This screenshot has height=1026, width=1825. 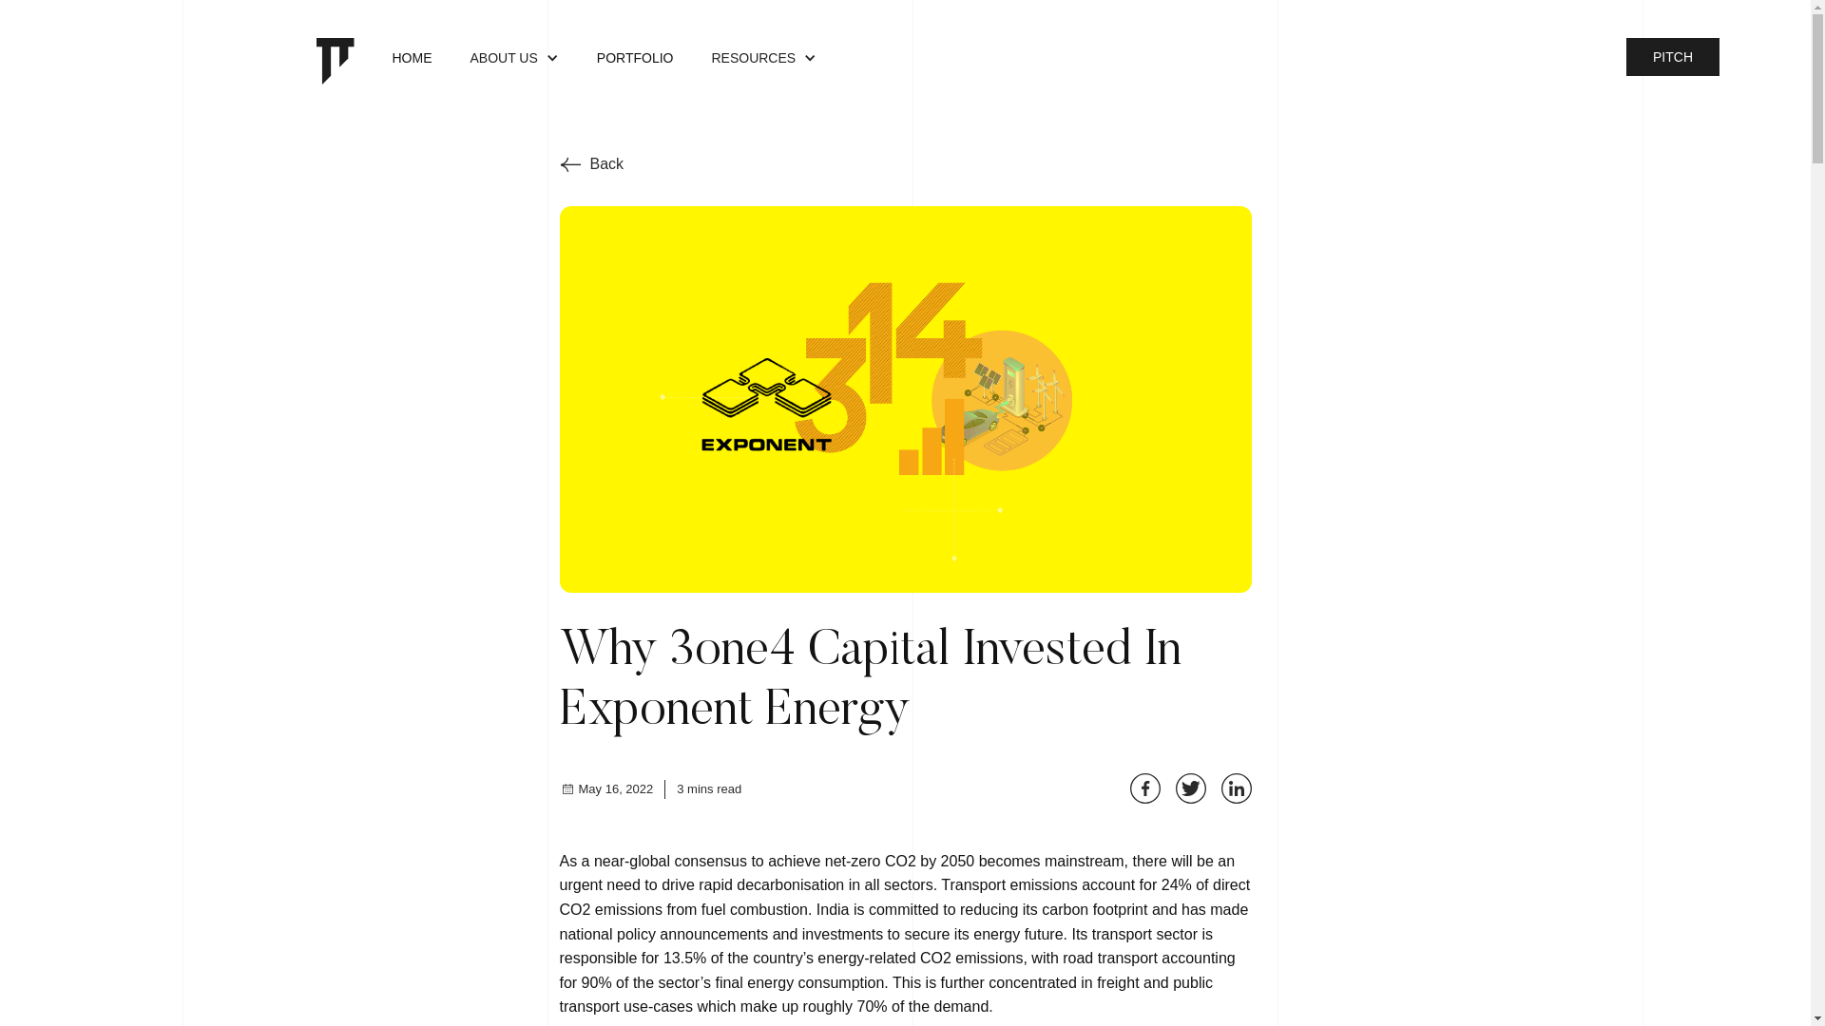 I want to click on 'Back', so click(x=590, y=163).